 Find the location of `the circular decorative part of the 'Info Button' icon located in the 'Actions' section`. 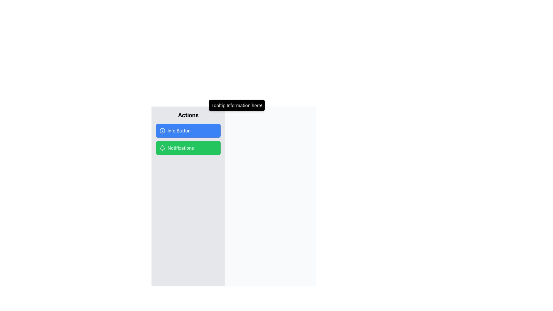

the circular decorative part of the 'Info Button' icon located in the 'Actions' section is located at coordinates (162, 131).